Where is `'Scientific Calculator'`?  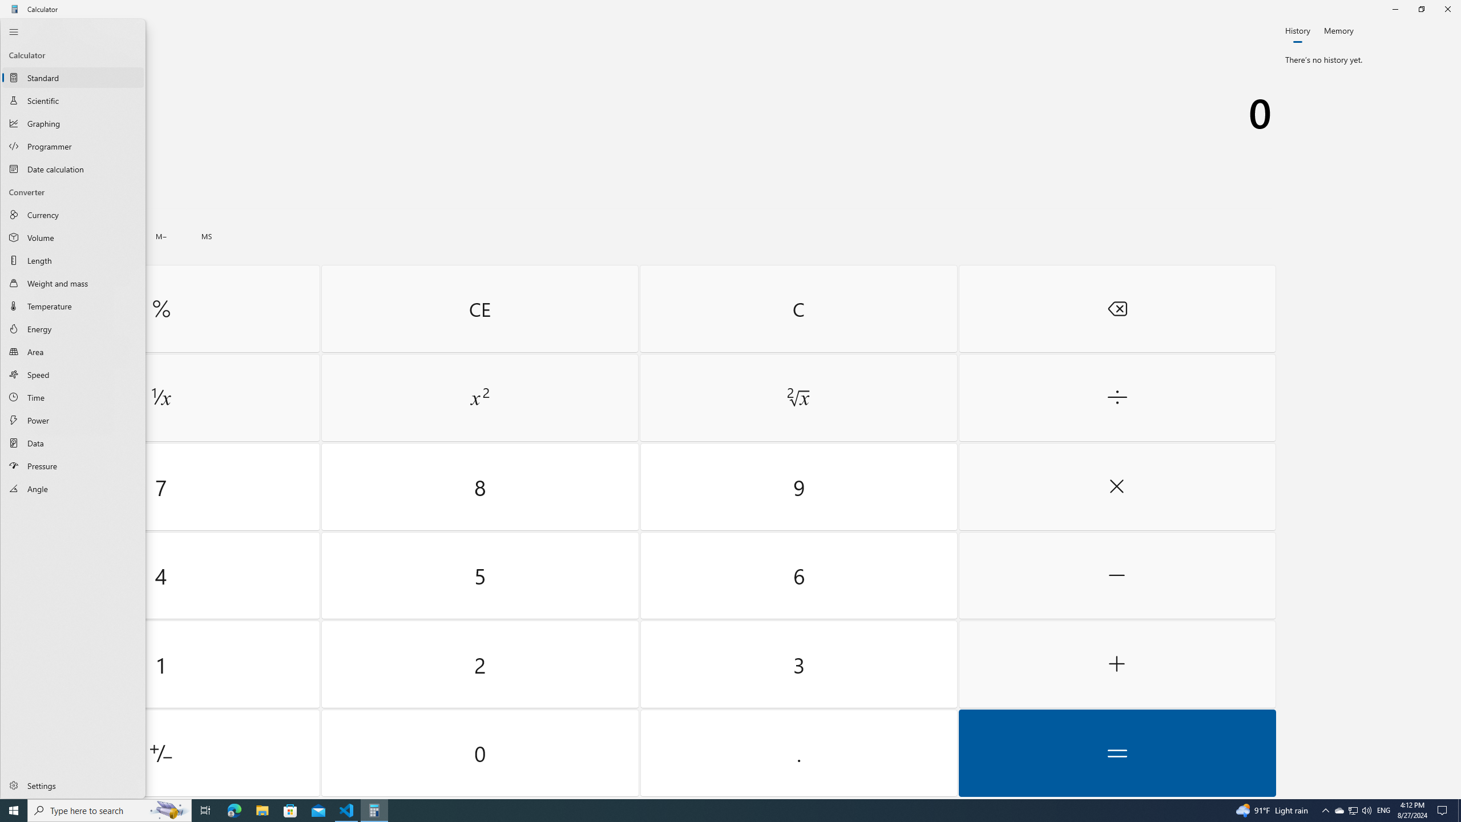 'Scientific Calculator' is located at coordinates (72, 100).